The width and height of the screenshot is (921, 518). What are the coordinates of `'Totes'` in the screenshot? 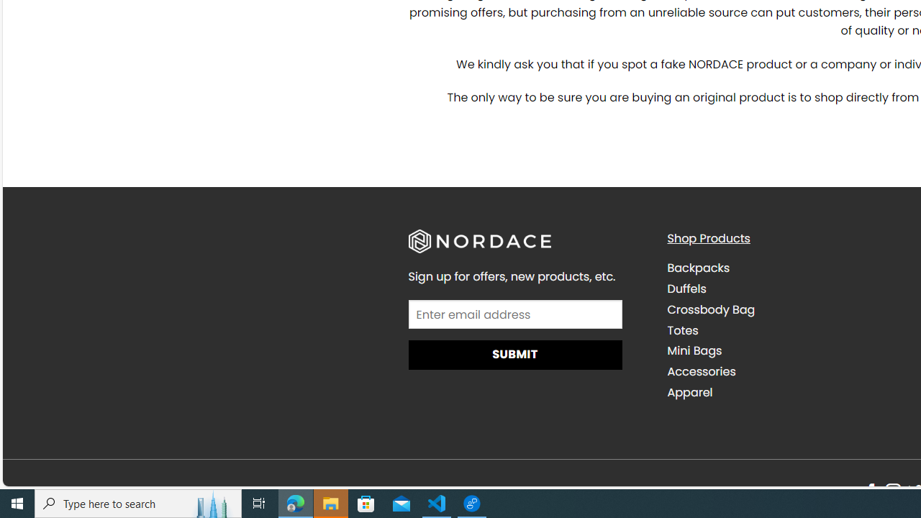 It's located at (785, 330).